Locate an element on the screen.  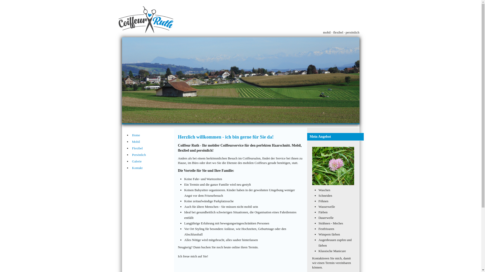
'Coiffeur Ruth' is located at coordinates (240, 80).